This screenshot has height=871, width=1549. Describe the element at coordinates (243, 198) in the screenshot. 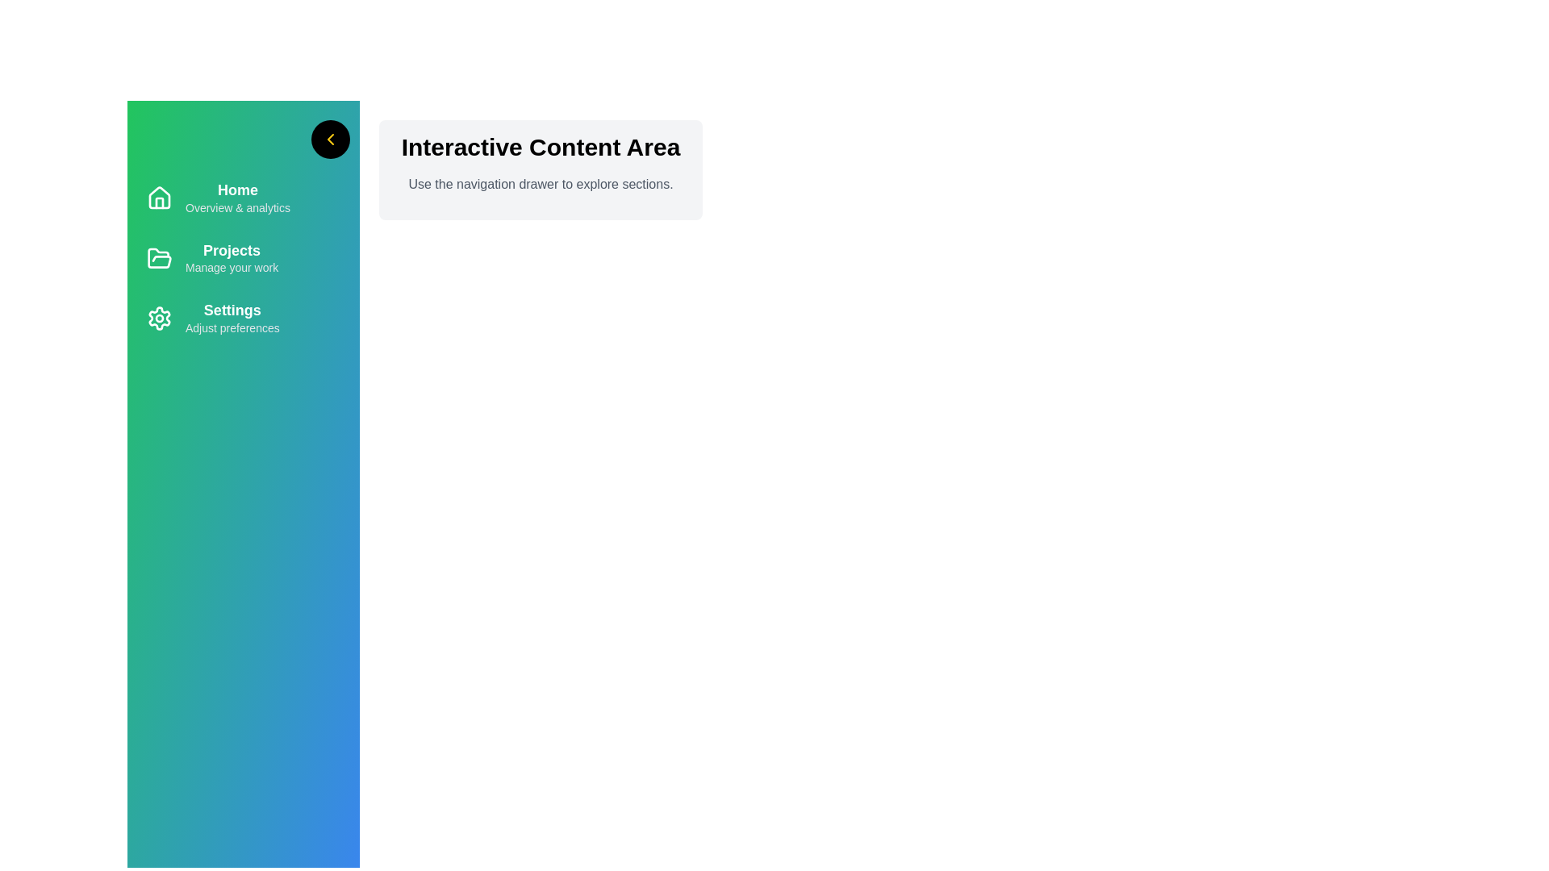

I see `the menu item Home to highlight it` at that location.